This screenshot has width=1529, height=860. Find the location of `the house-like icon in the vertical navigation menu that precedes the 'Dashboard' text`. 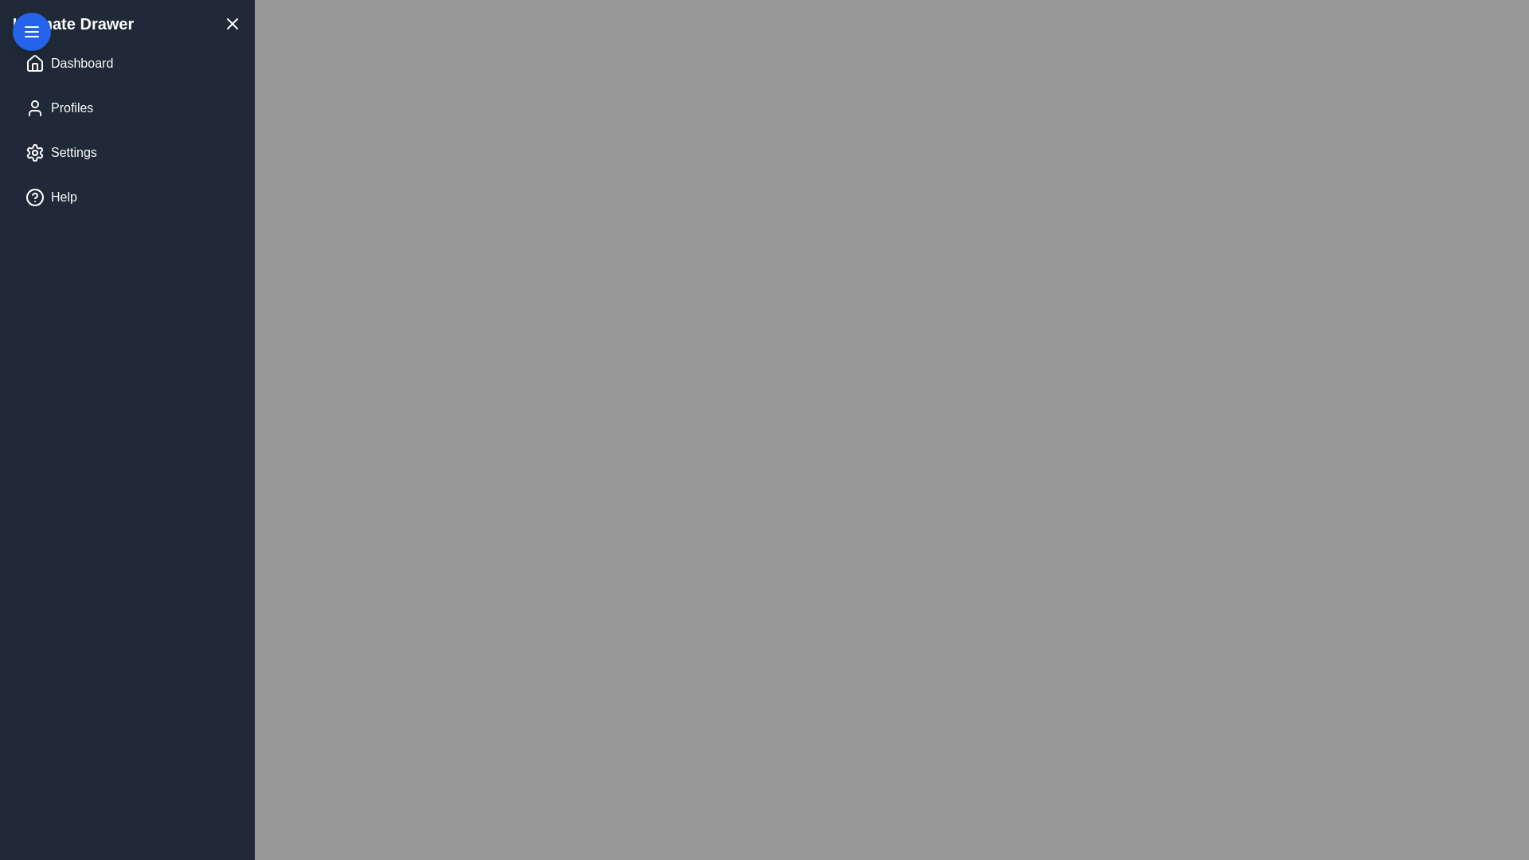

the house-like icon in the vertical navigation menu that precedes the 'Dashboard' text is located at coordinates (34, 61).